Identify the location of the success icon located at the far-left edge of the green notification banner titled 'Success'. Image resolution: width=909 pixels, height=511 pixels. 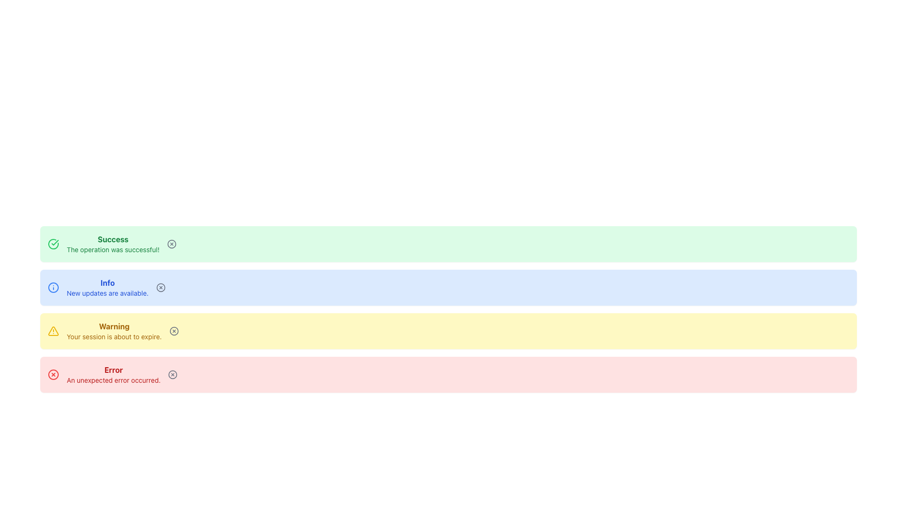
(53, 244).